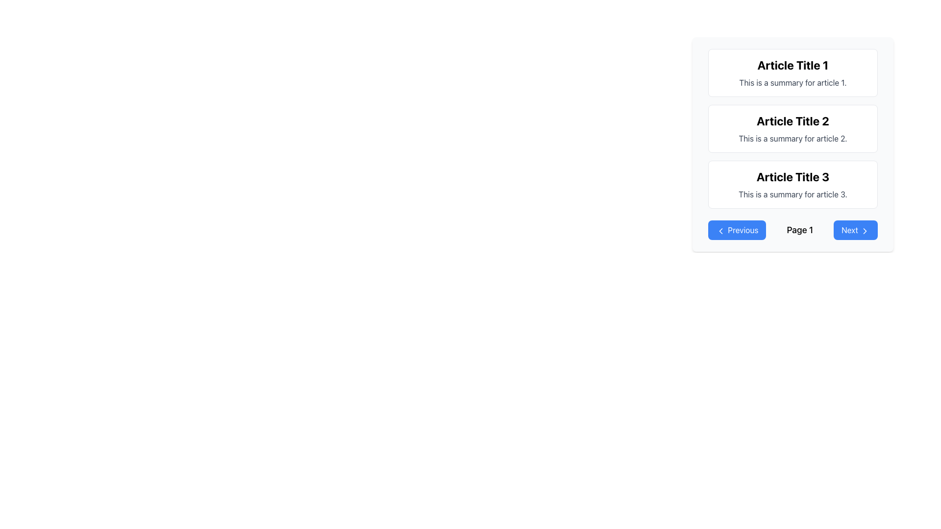  What do you see at coordinates (792, 82) in the screenshot?
I see `the Text Label element displaying 'This is a summary for article 1.' located below the title 'Article Title 1.'` at bounding box center [792, 82].